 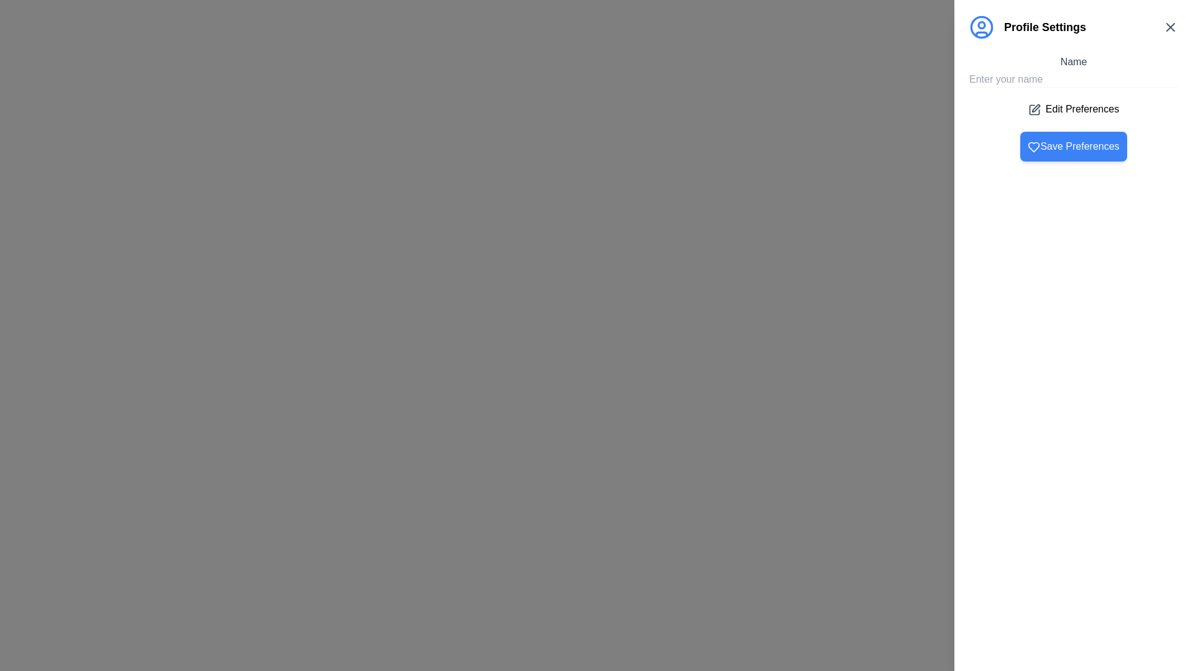 I want to click on the largest graphical circle in the user profile icon located in the upper-left corner of the sidebar, so click(x=980, y=27).